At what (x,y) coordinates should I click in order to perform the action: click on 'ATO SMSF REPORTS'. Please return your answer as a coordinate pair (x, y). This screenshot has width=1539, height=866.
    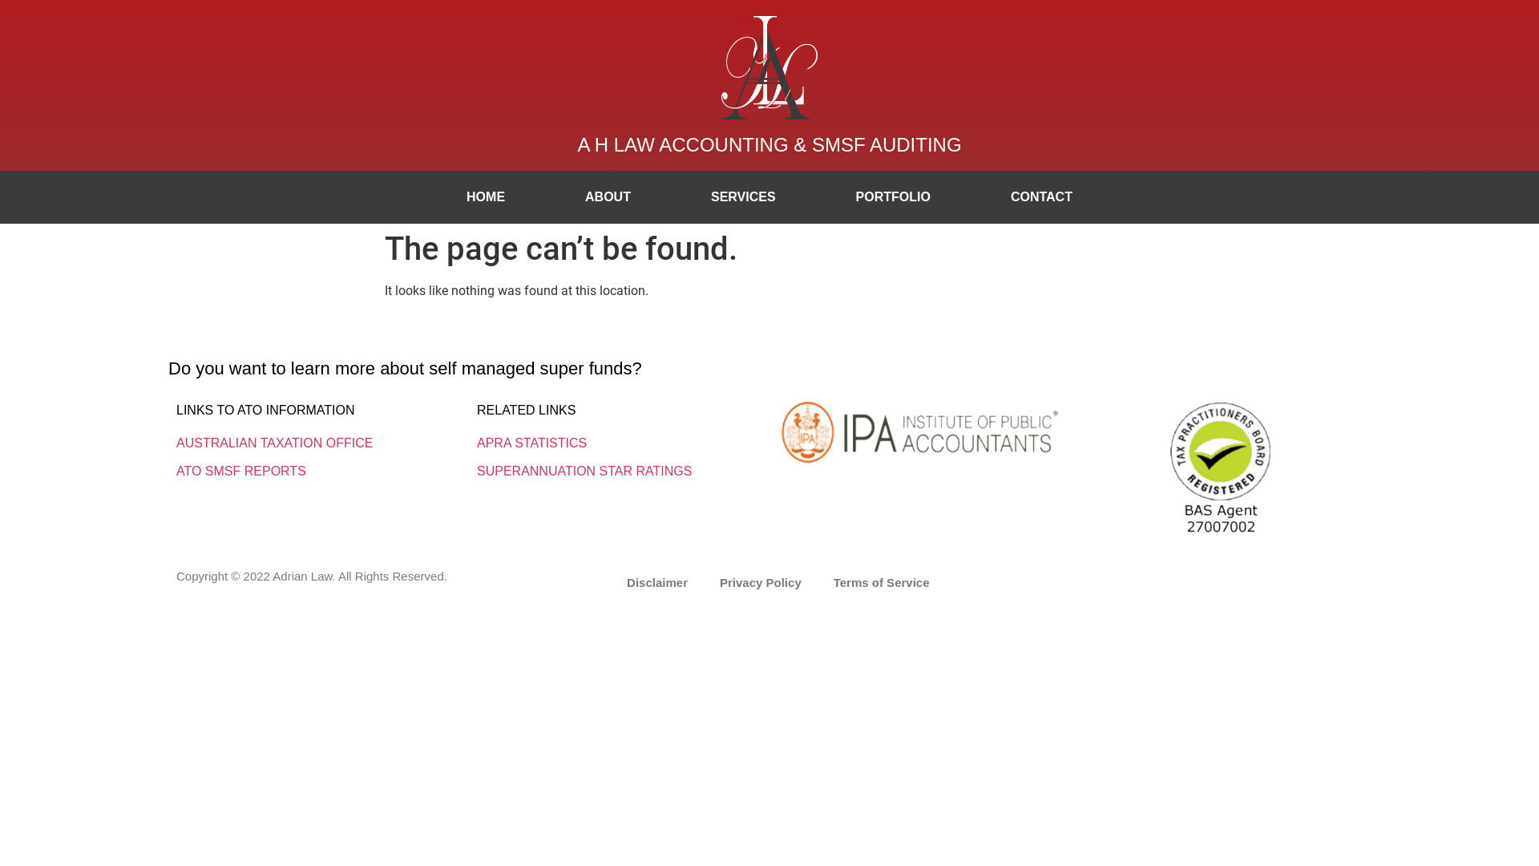
    Looking at the image, I should click on (240, 470).